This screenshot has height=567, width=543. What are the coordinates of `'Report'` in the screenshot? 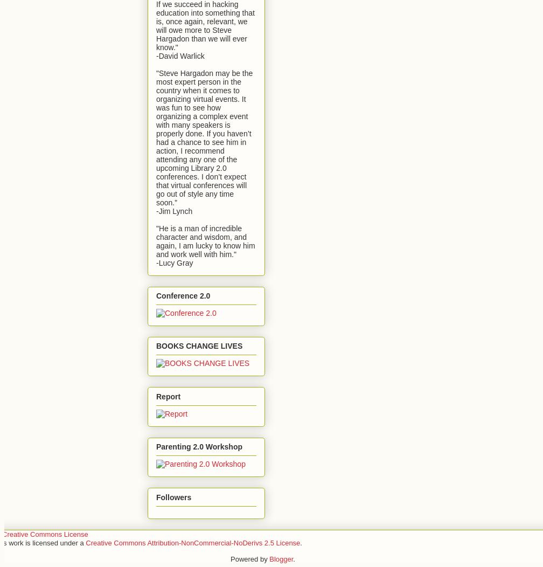 It's located at (168, 396).